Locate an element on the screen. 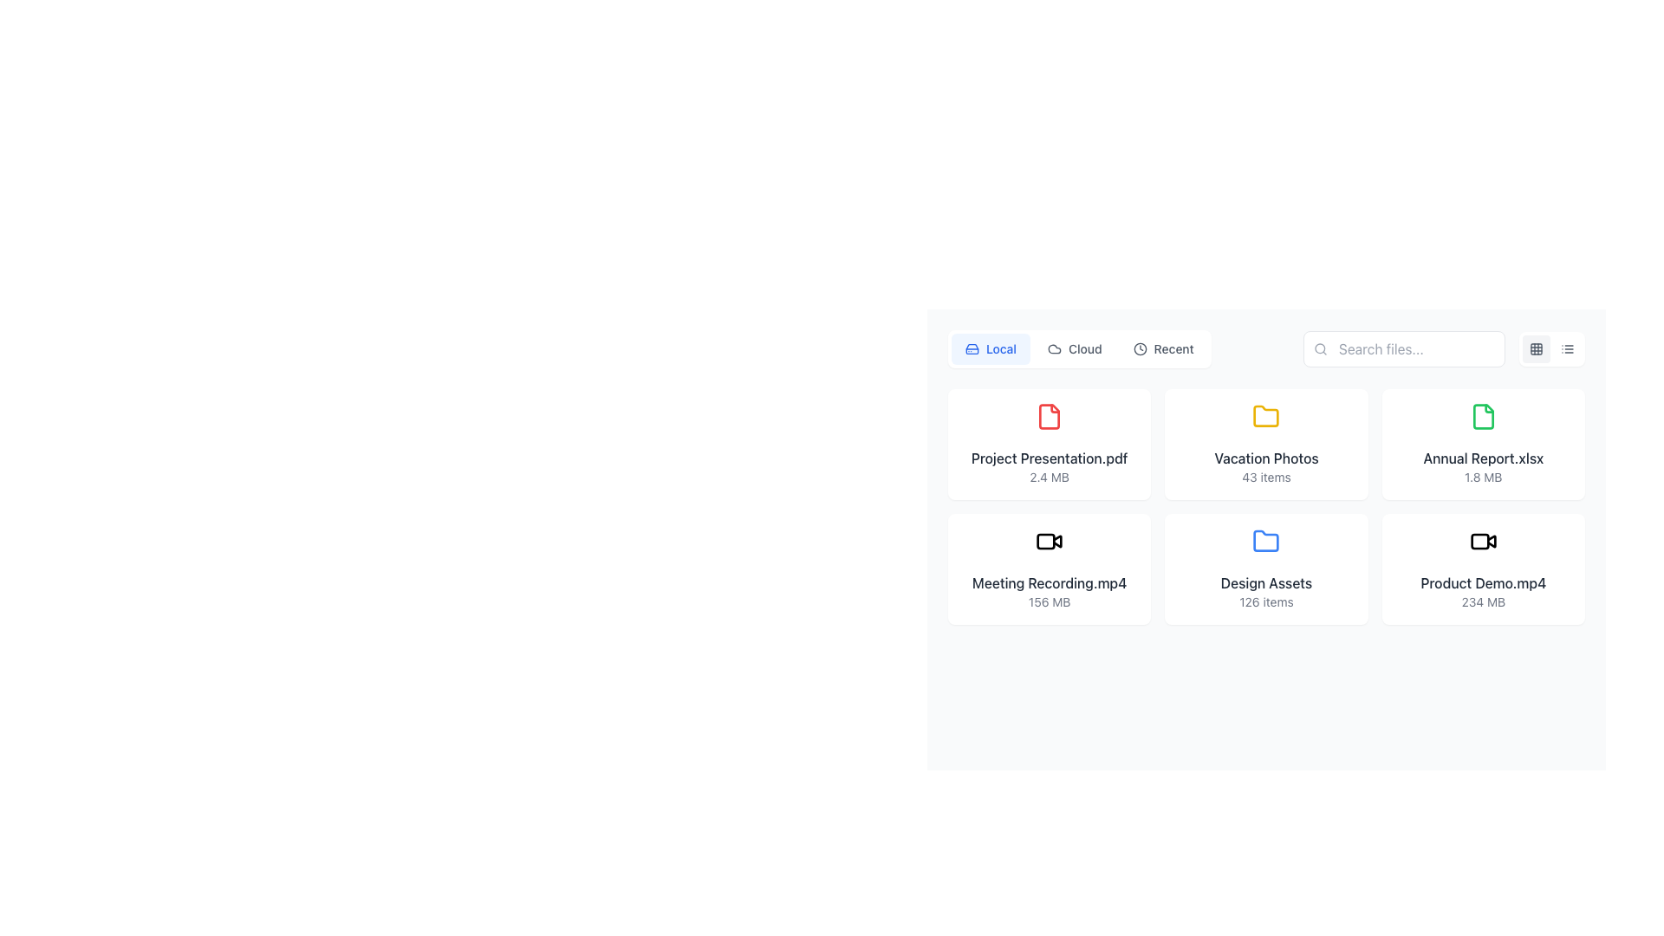 The width and height of the screenshot is (1664, 936). the label displaying the text 'Project Presentation.pdf' with size '2.4 MB', which is located in the top-left section of the document listing grid is located at coordinates (1049, 466).